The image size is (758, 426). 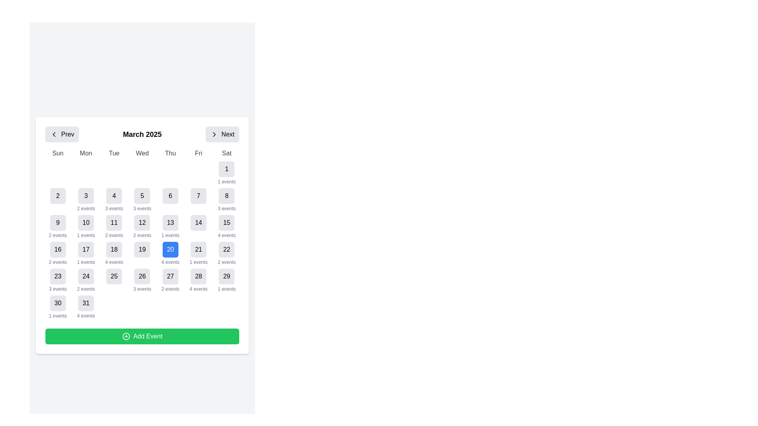 What do you see at coordinates (114, 226) in the screenshot?
I see `the calendar date cell displaying '11' with a light gray background` at bounding box center [114, 226].